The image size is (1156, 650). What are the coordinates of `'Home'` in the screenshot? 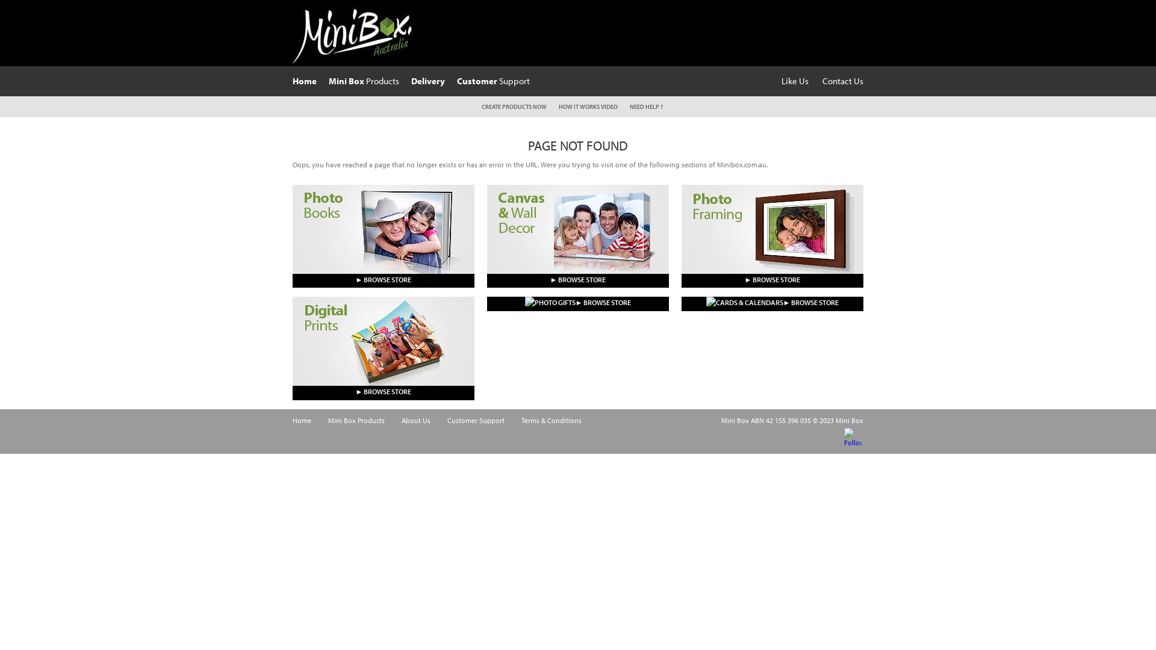 It's located at (302, 419).